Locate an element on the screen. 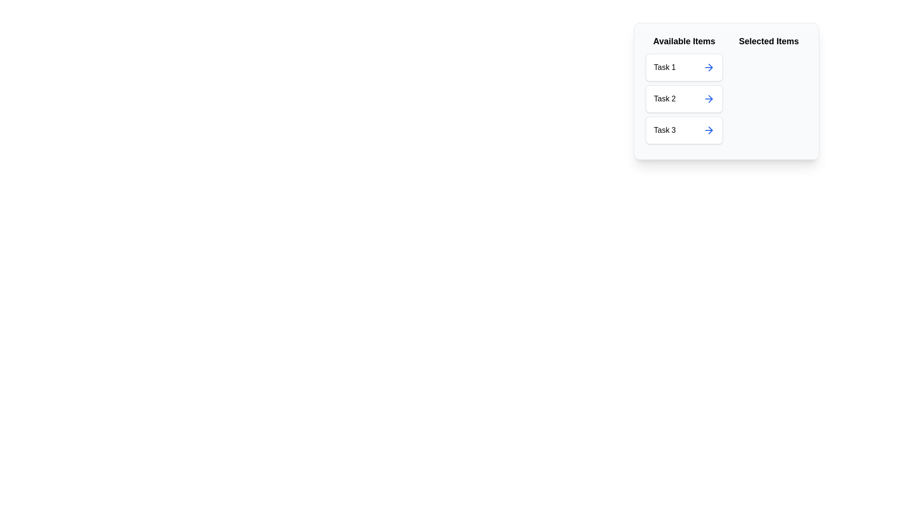  the blue rightward-pointing arrow icon located to the right of the 'Task 1' label is located at coordinates (709, 67).